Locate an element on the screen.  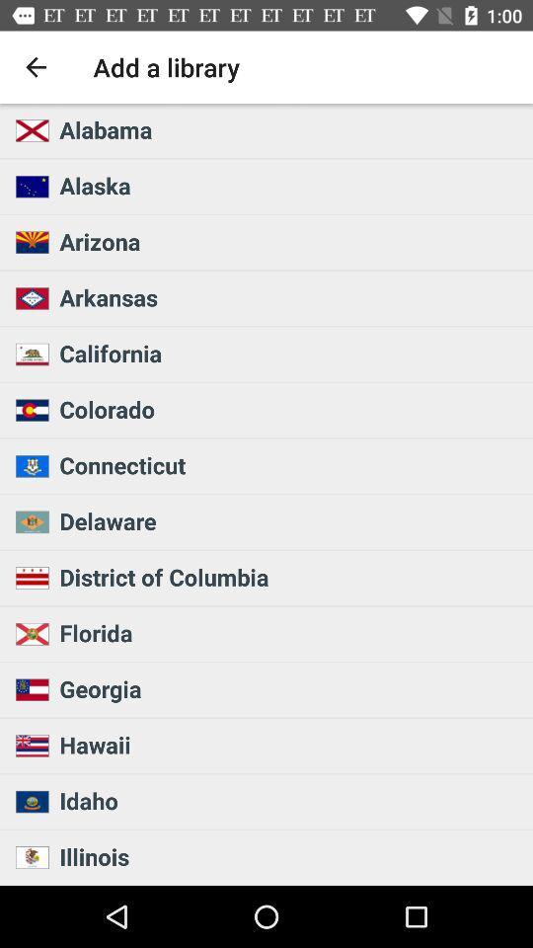
the arizona is located at coordinates (289, 240).